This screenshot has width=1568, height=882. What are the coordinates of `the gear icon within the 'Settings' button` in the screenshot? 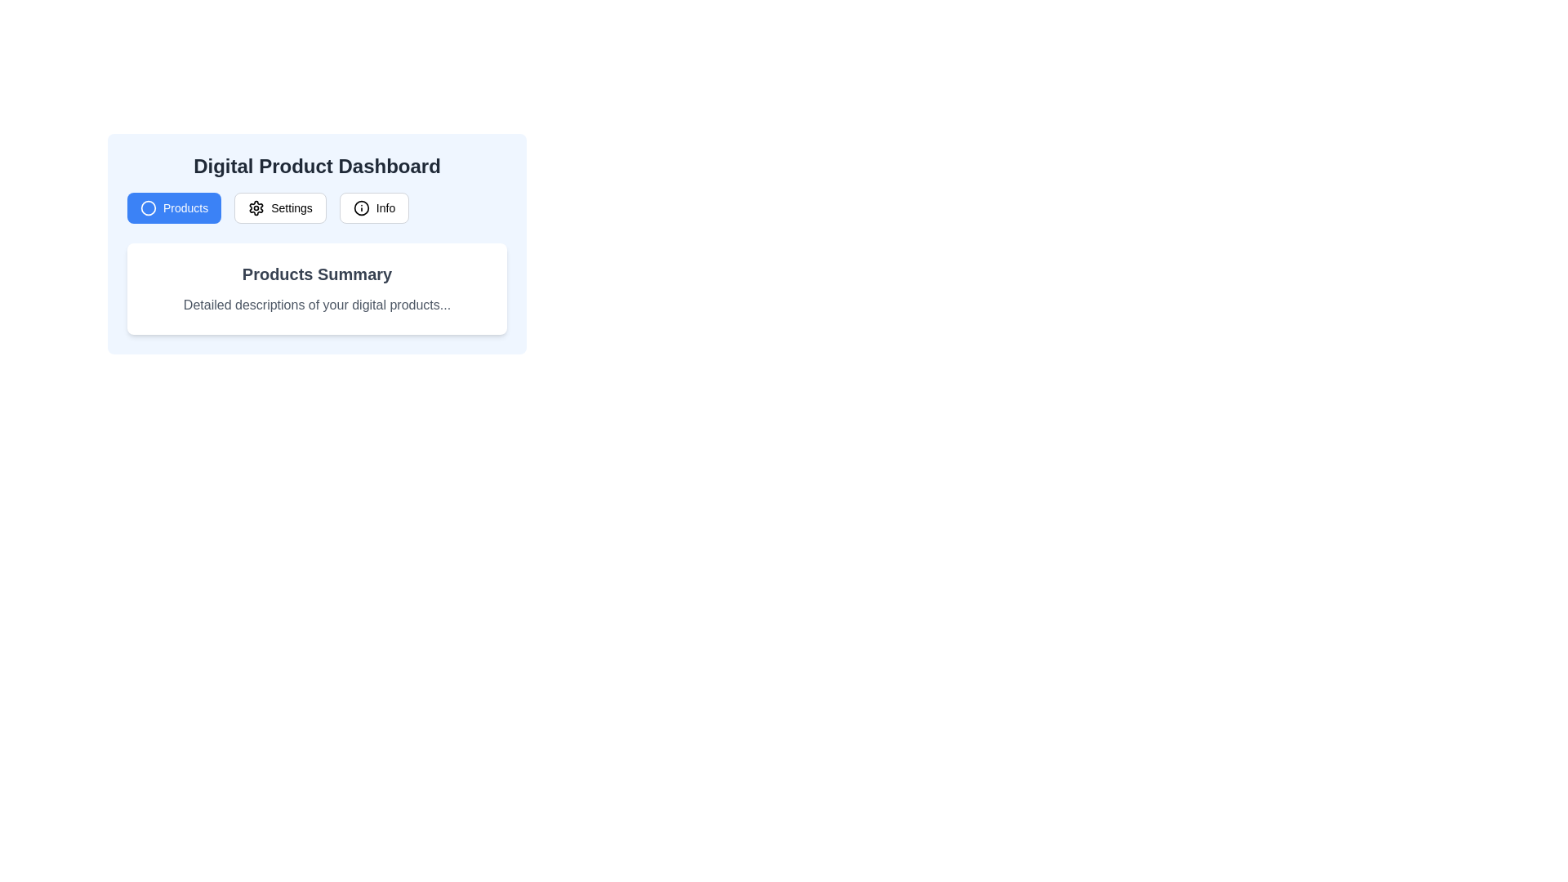 It's located at (256, 207).